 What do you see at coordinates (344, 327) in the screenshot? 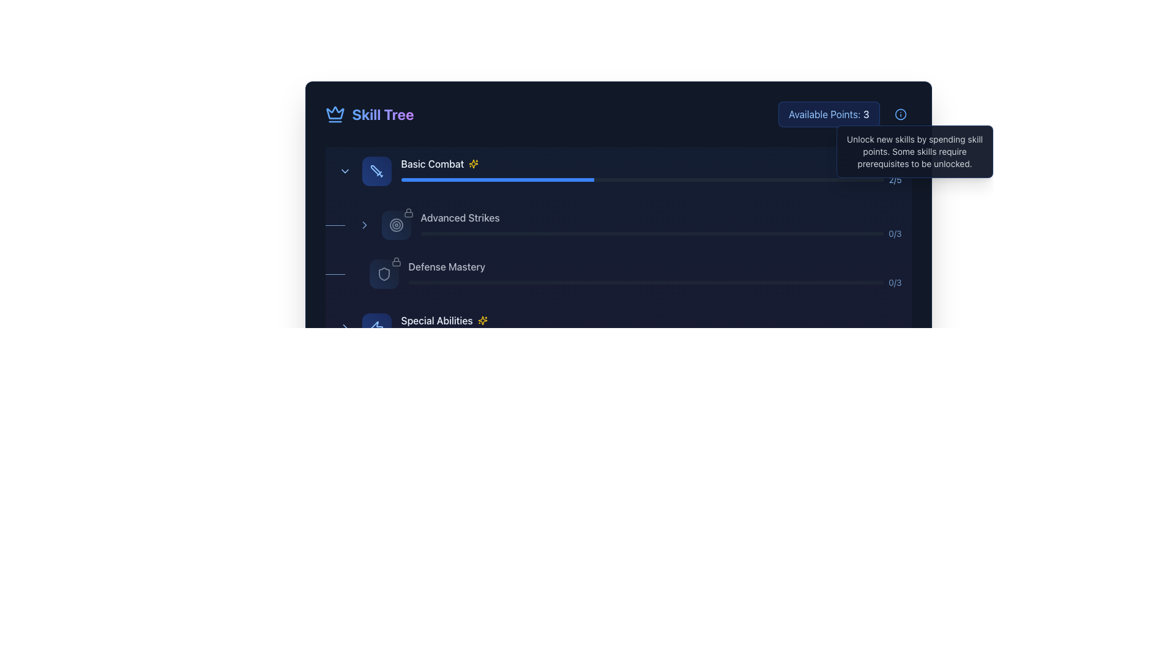
I see `the chevron right icon located in the 'Special Abilities' section of the skill tree` at bounding box center [344, 327].